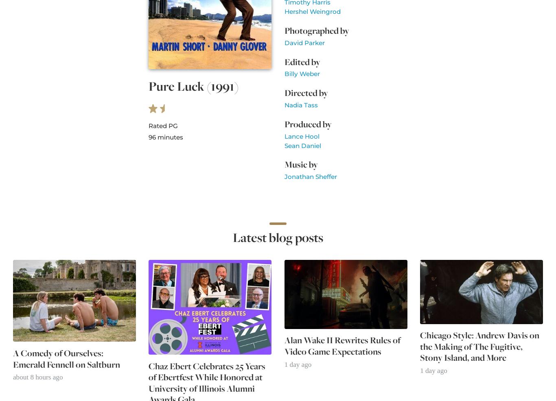  Describe the element at coordinates (302, 145) in the screenshot. I see `'Sean Daniel'` at that location.